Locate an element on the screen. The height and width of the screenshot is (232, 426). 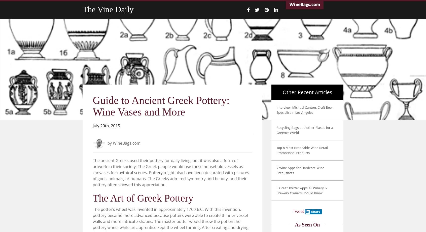
'5 Great Twitter Apps All Winery & Brewery Owners Should Know' is located at coordinates (276, 190).